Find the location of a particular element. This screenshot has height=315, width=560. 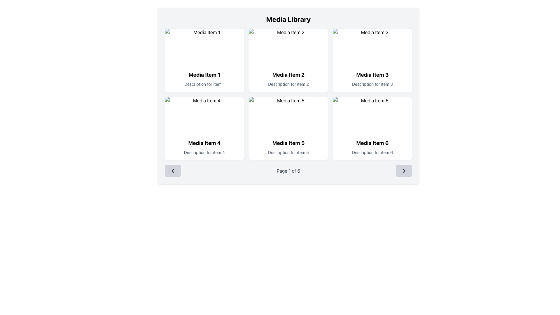

the rightmost navigation button in the bottom-right corner of the interface is located at coordinates (404, 171).